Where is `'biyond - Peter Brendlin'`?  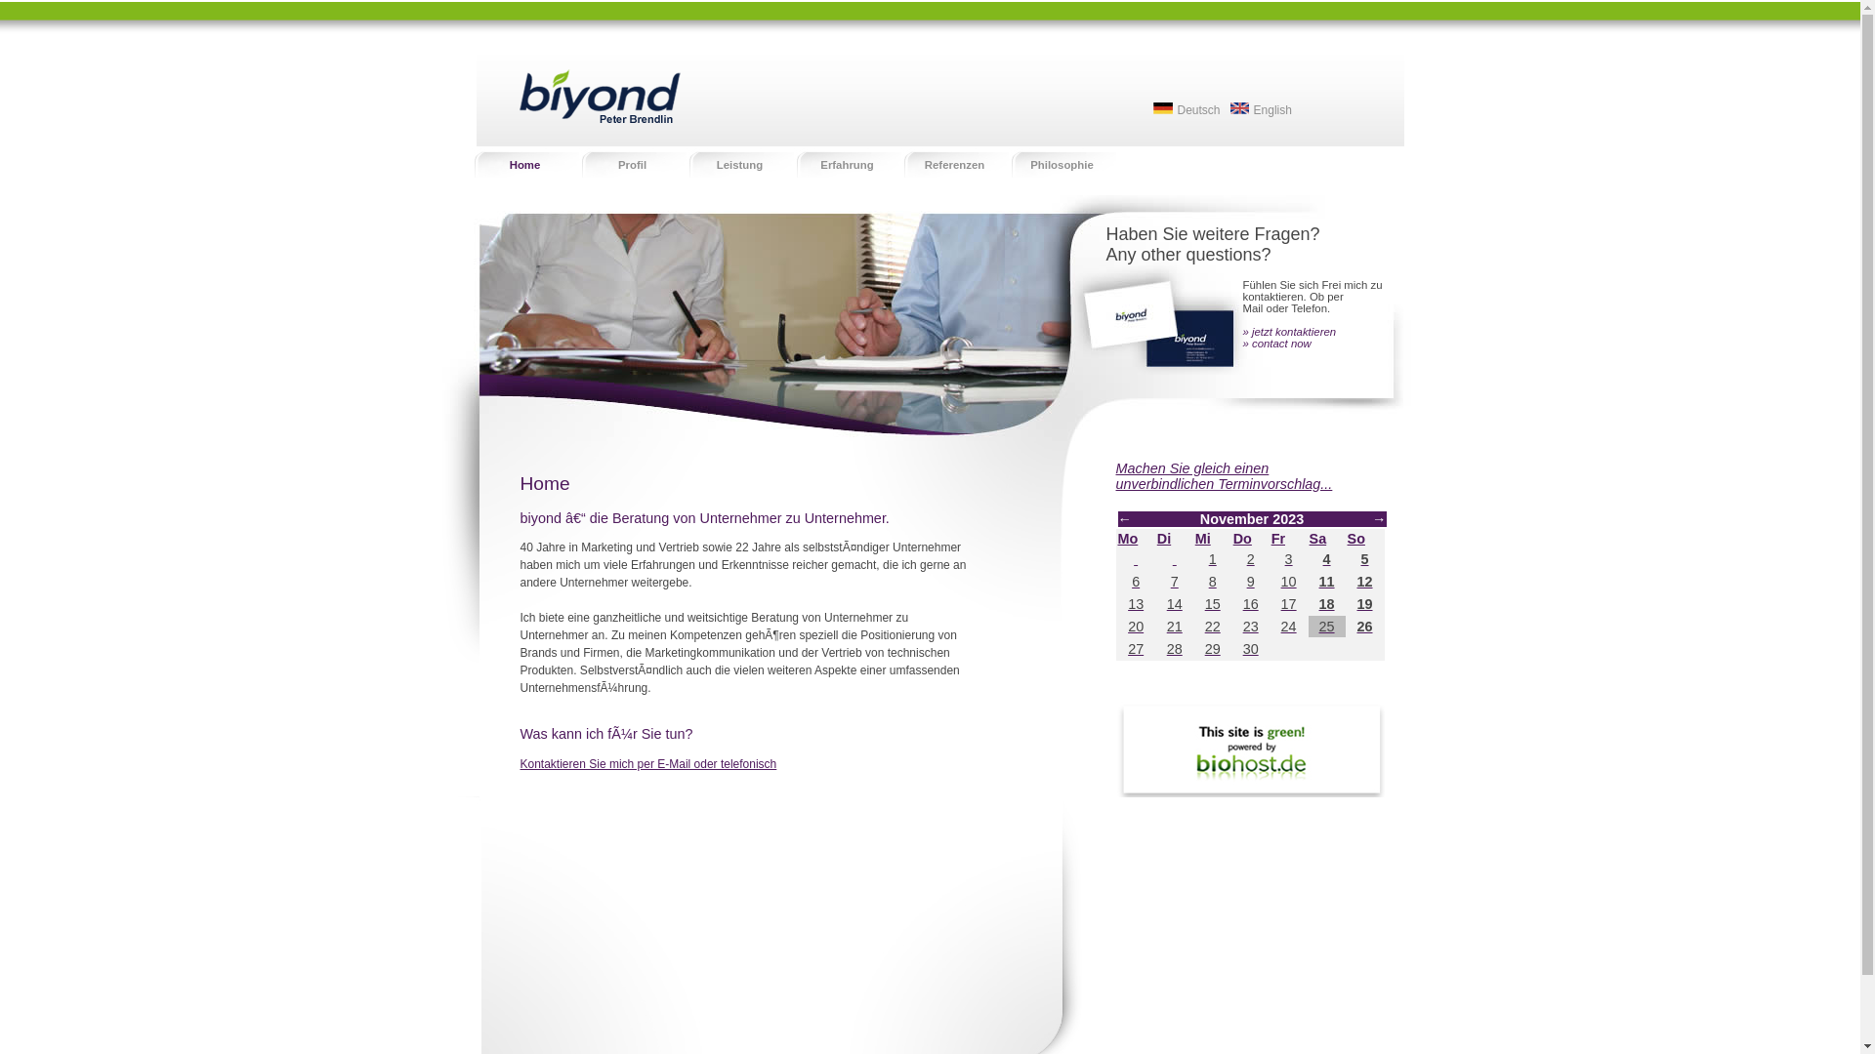 'biyond - Peter Brendlin' is located at coordinates (579, 78).